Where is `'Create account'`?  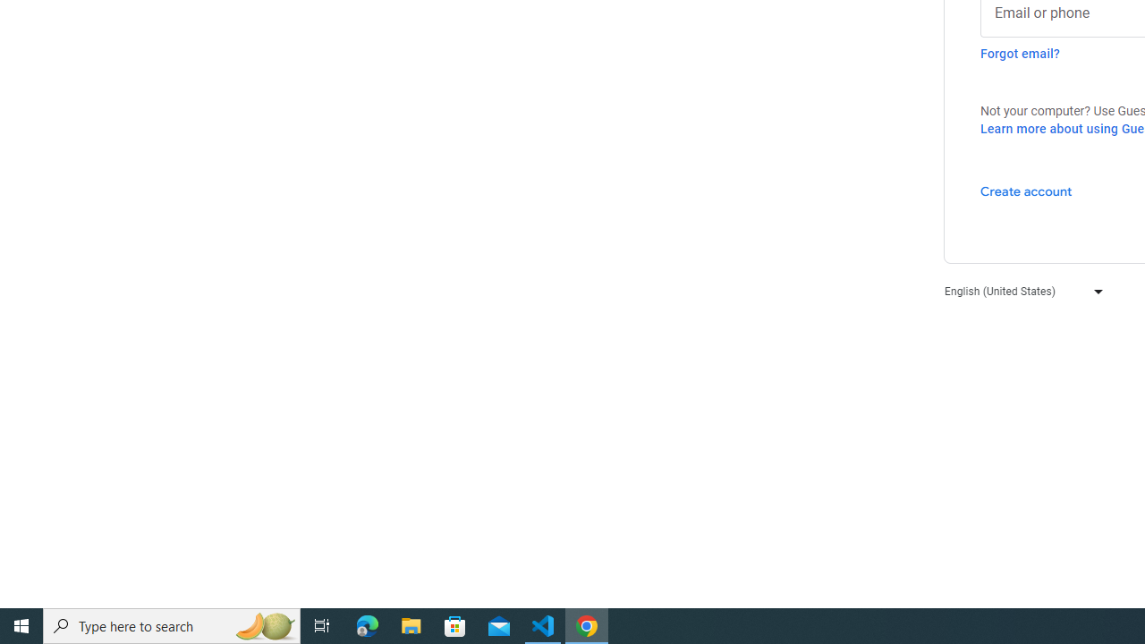
'Create account' is located at coordinates (1025, 191).